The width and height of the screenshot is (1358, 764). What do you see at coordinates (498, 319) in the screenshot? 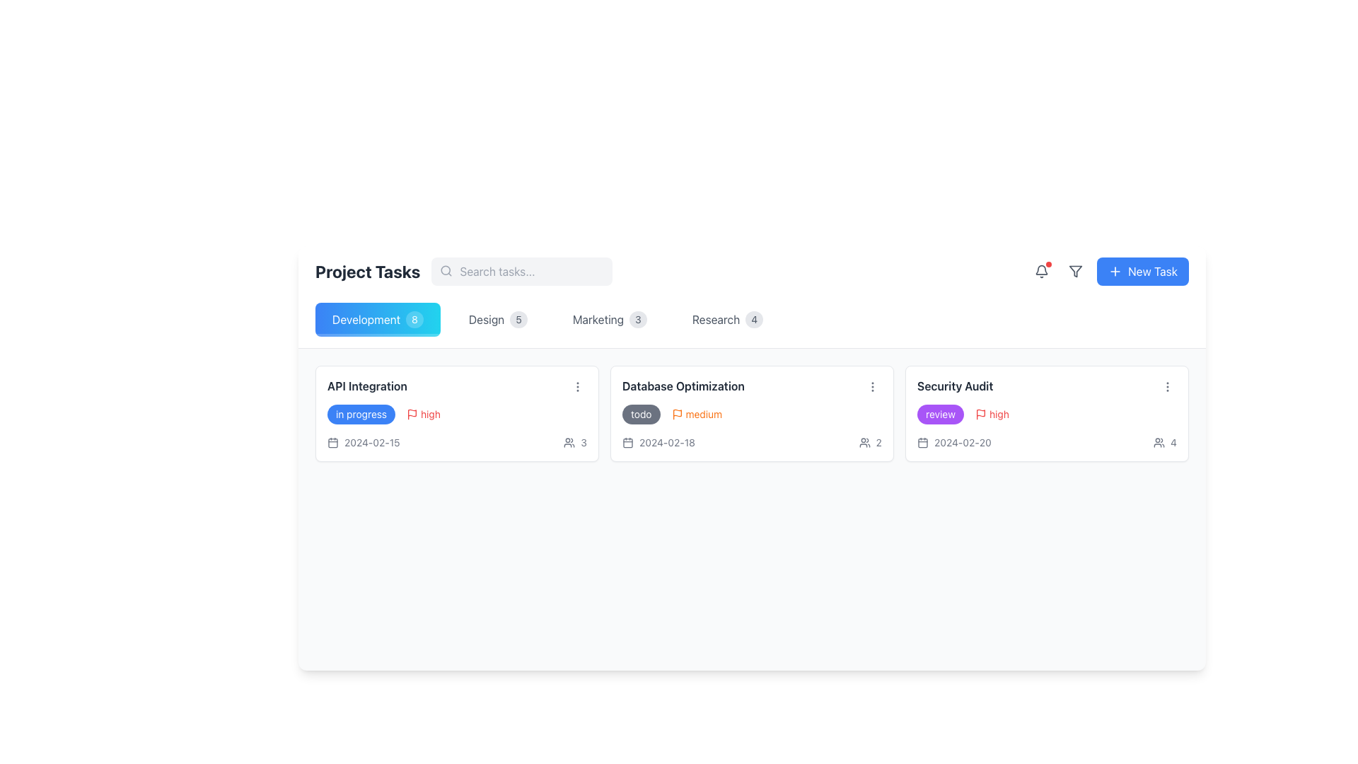
I see `to select the category 'Design', which is a text segment followed by a badge with the number '5', located in the navigation bar after 'Development'` at bounding box center [498, 319].